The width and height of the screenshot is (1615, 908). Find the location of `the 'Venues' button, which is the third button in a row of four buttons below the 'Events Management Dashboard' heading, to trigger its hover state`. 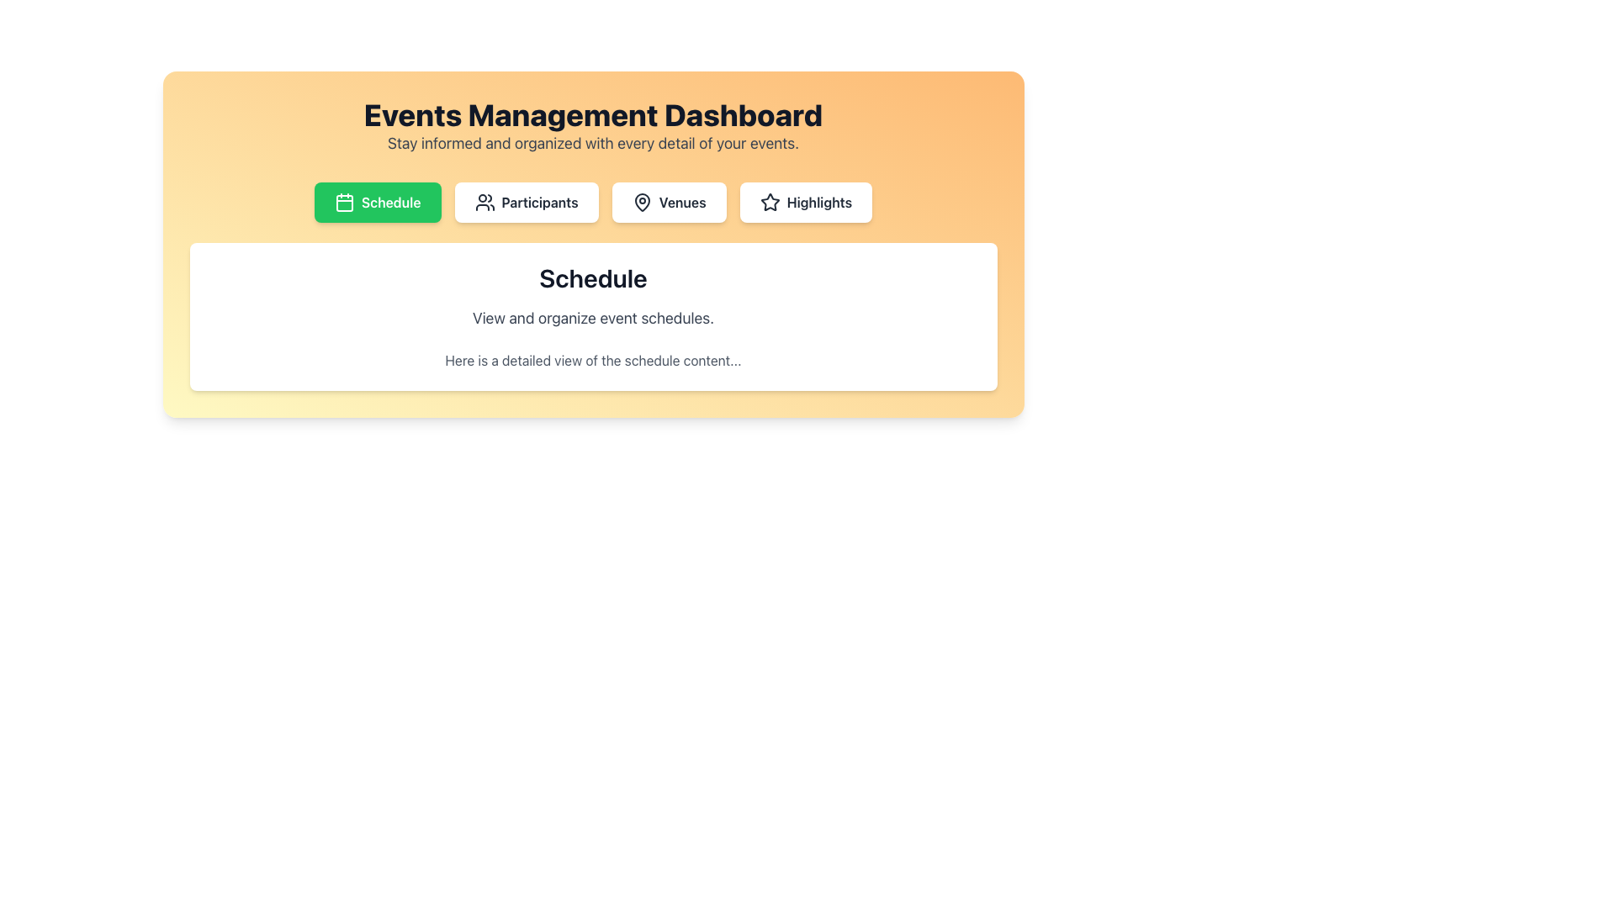

the 'Venues' button, which is the third button in a row of four buttons below the 'Events Management Dashboard' heading, to trigger its hover state is located at coordinates (668, 201).